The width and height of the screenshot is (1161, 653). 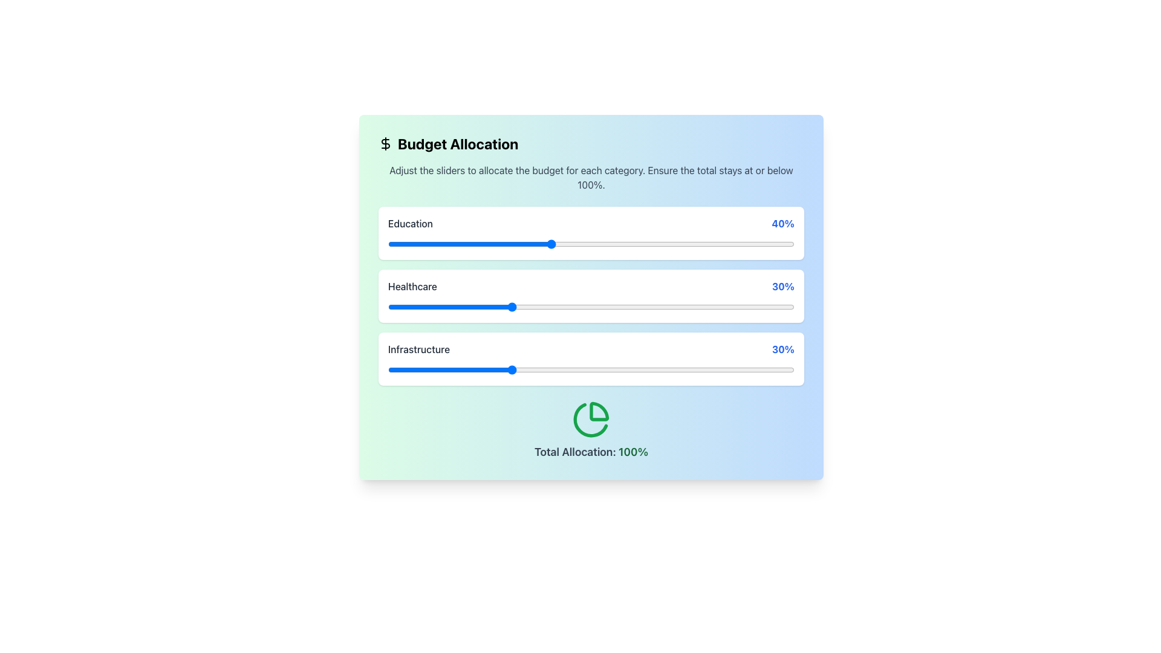 I want to click on healthcare budget allocation, so click(x=709, y=307).